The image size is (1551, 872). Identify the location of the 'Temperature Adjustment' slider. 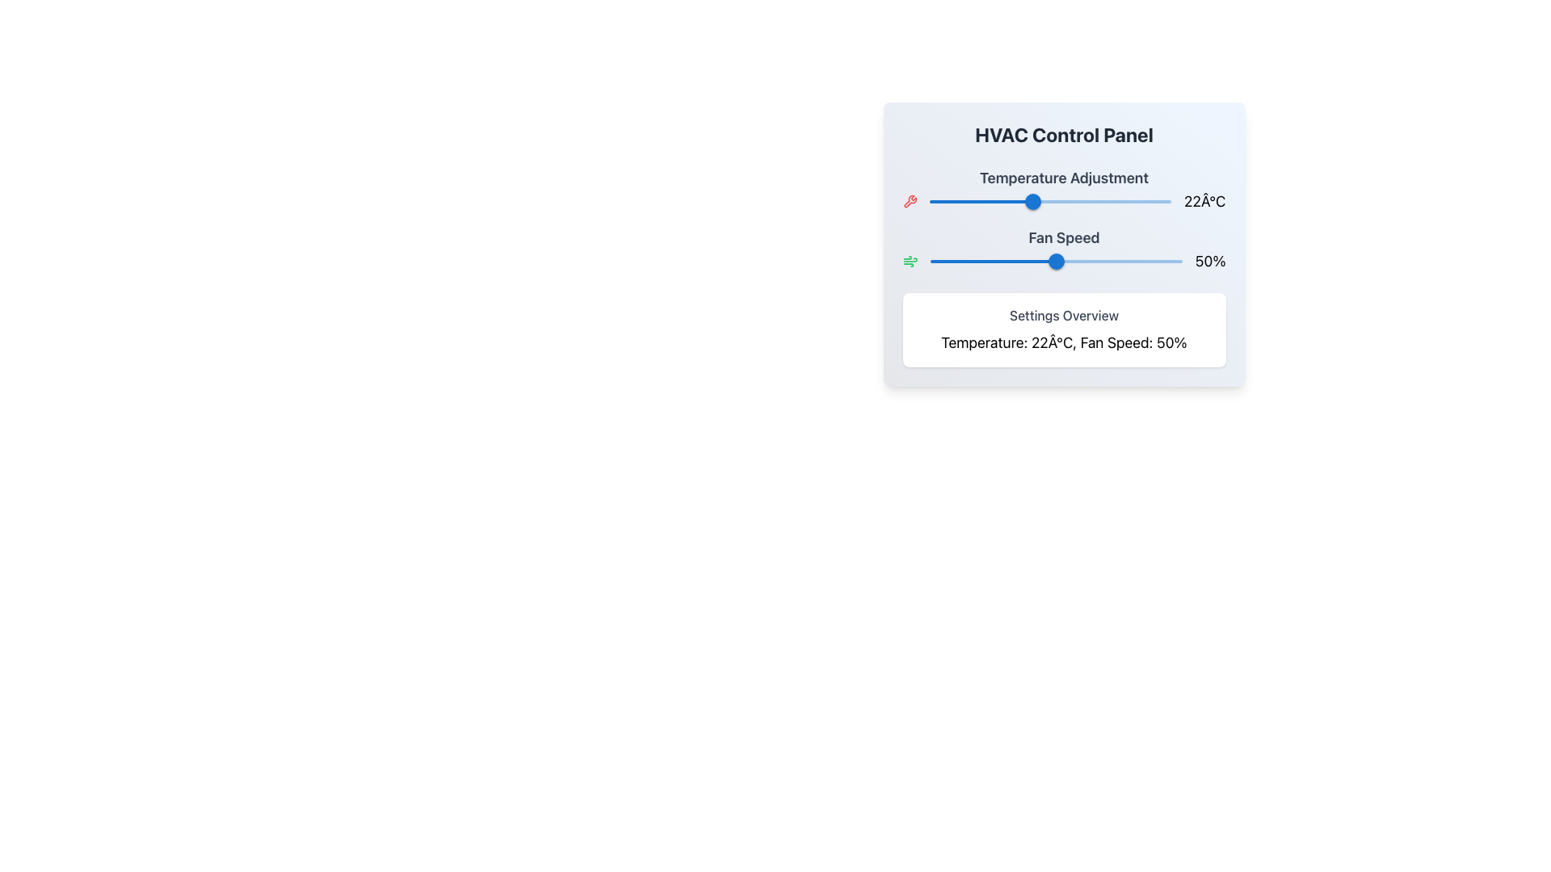
(1064, 189).